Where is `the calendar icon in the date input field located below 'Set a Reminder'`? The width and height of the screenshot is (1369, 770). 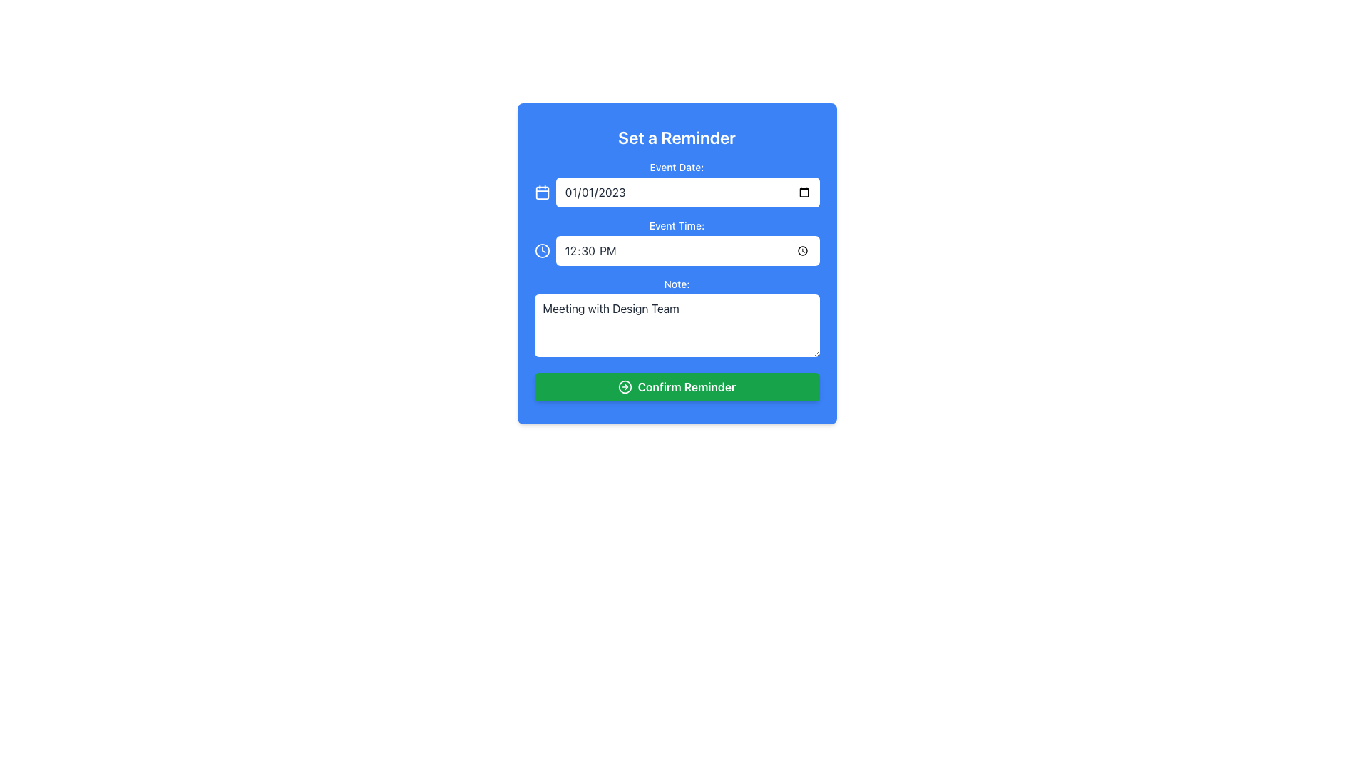
the calendar icon in the date input field located below 'Set a Reminder' is located at coordinates (676, 183).